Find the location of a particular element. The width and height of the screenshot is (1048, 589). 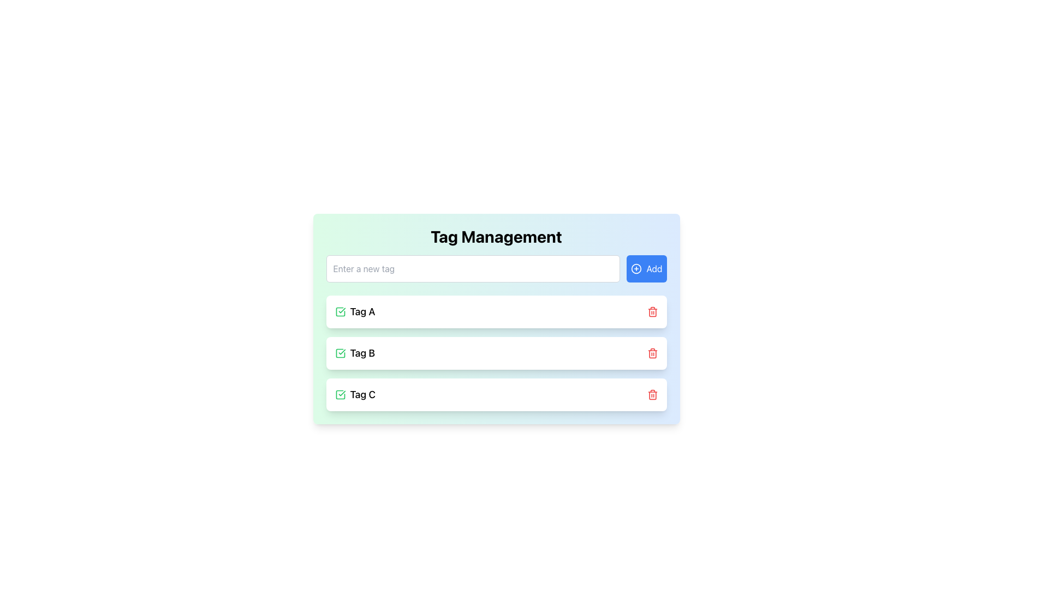

the text label displaying 'Tag B' located is located at coordinates (362, 353).